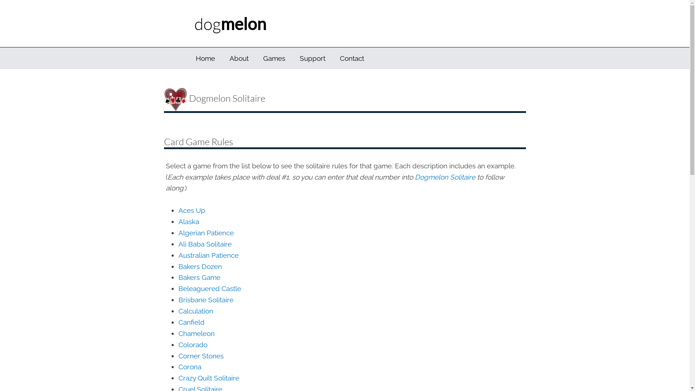 The image size is (695, 391). What do you see at coordinates (239, 58) in the screenshot?
I see `'About'` at bounding box center [239, 58].